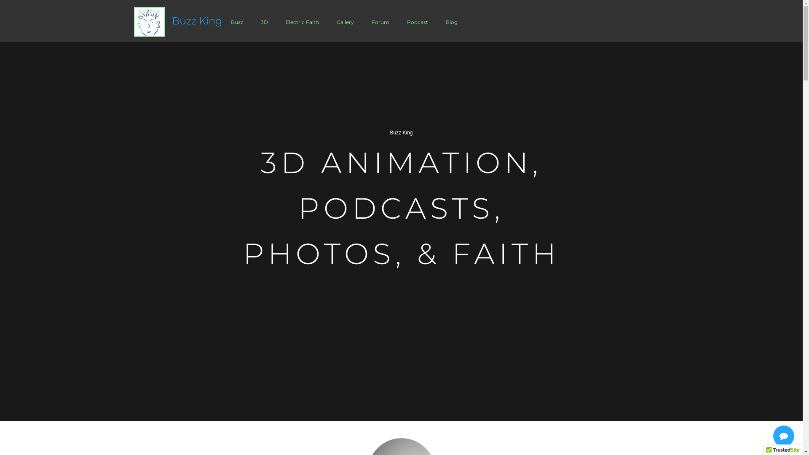 Image resolution: width=809 pixels, height=455 pixels. Describe the element at coordinates (363, 21) in the screenshot. I see `'Forum'` at that location.